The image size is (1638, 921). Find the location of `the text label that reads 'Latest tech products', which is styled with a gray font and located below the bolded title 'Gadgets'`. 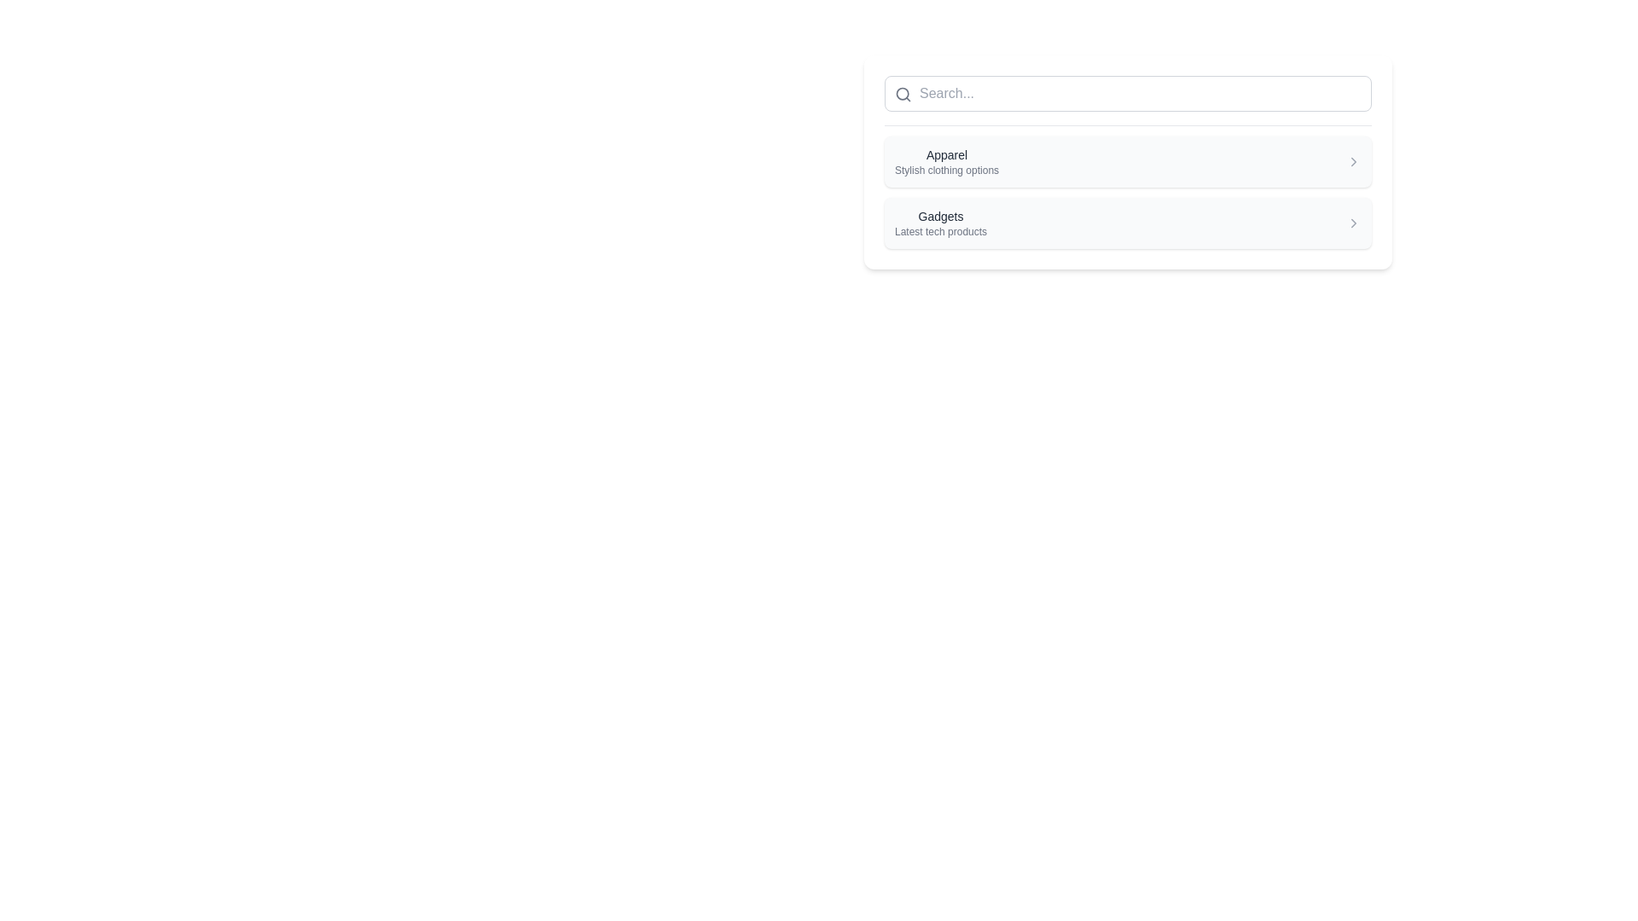

the text label that reads 'Latest tech products', which is styled with a gray font and located below the bolded title 'Gadgets' is located at coordinates (940, 232).